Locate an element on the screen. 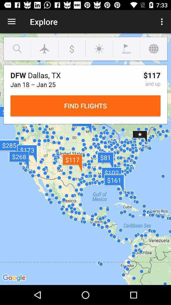 The width and height of the screenshot is (171, 305). the icon to the right of the explore is located at coordinates (162, 22).